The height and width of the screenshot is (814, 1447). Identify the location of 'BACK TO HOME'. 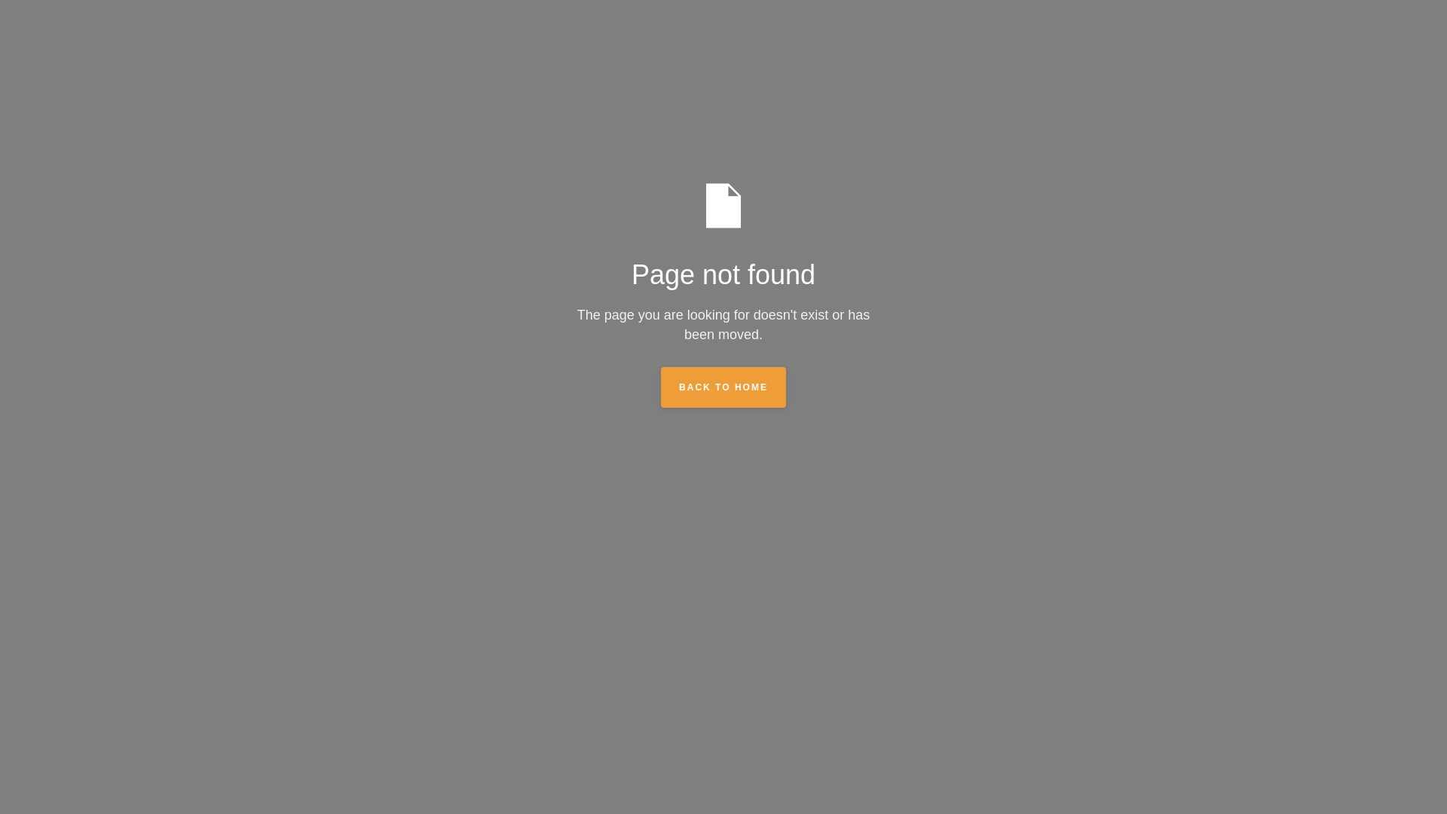
(723, 386).